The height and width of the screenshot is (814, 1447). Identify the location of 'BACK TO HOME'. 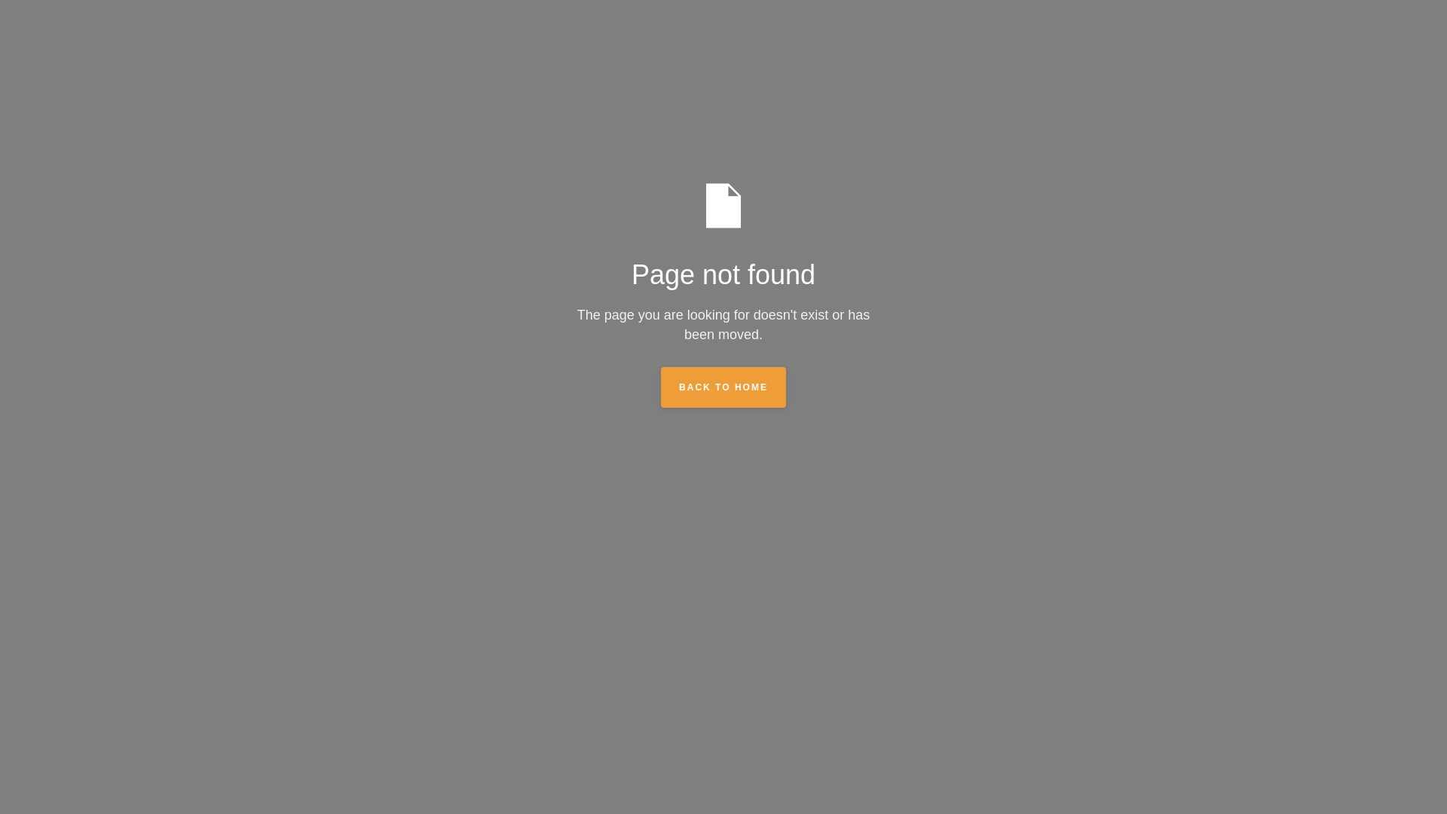
(723, 386).